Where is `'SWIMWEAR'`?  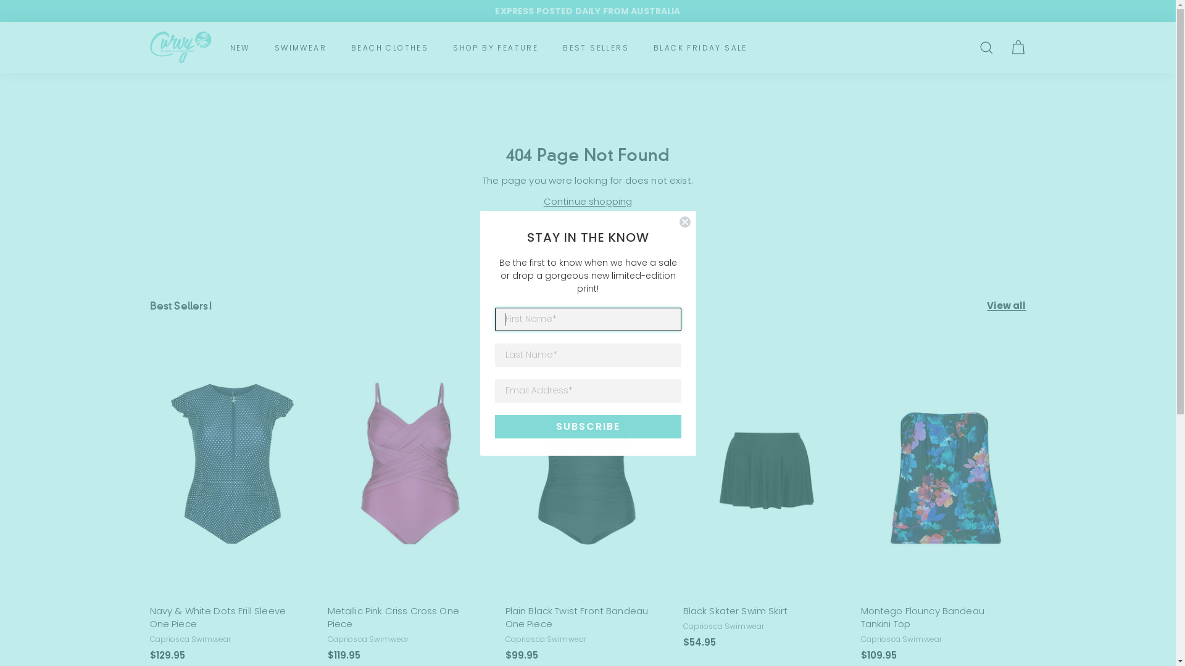
'SWIMWEAR' is located at coordinates (300, 47).